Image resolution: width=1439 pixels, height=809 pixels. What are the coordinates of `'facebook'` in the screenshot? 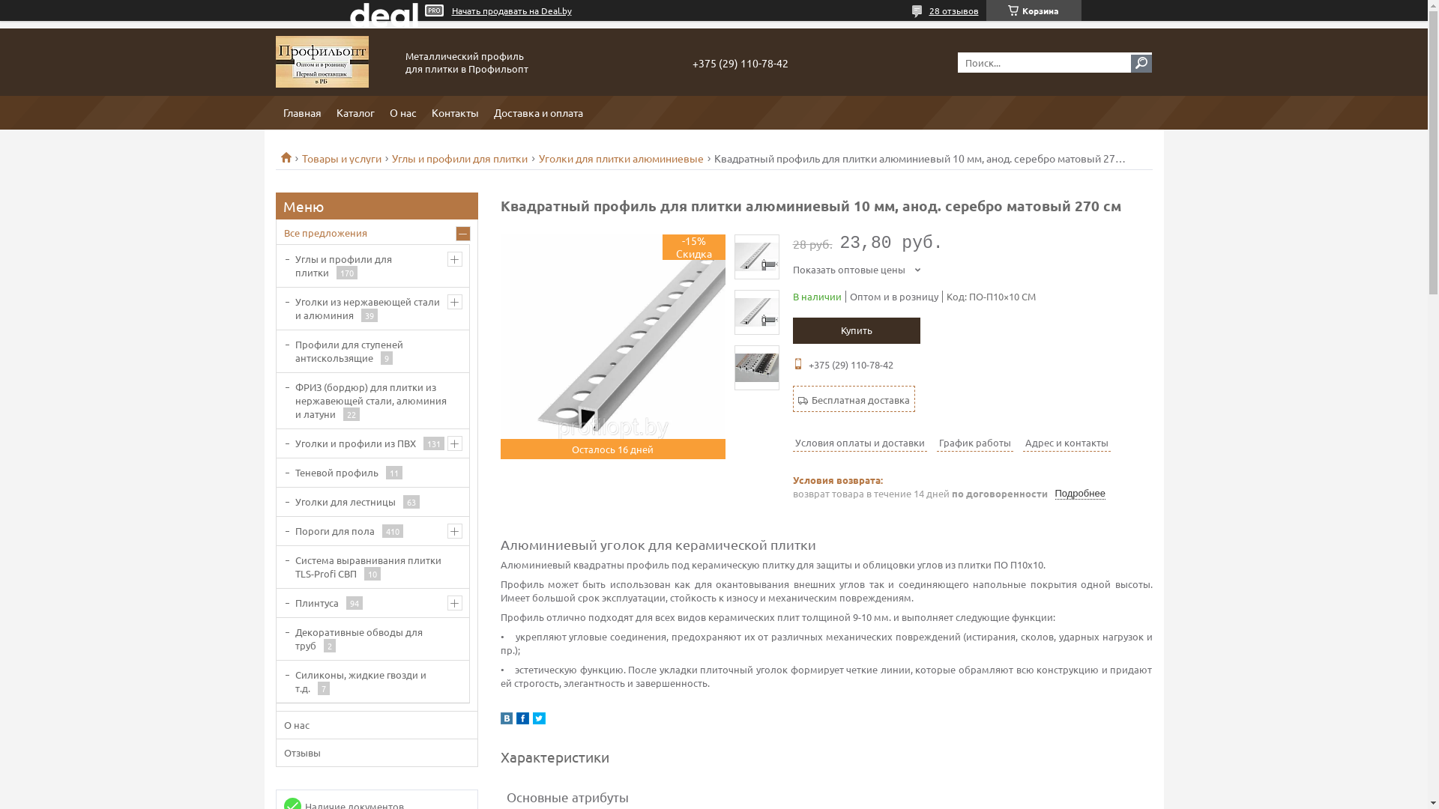 It's located at (522, 719).